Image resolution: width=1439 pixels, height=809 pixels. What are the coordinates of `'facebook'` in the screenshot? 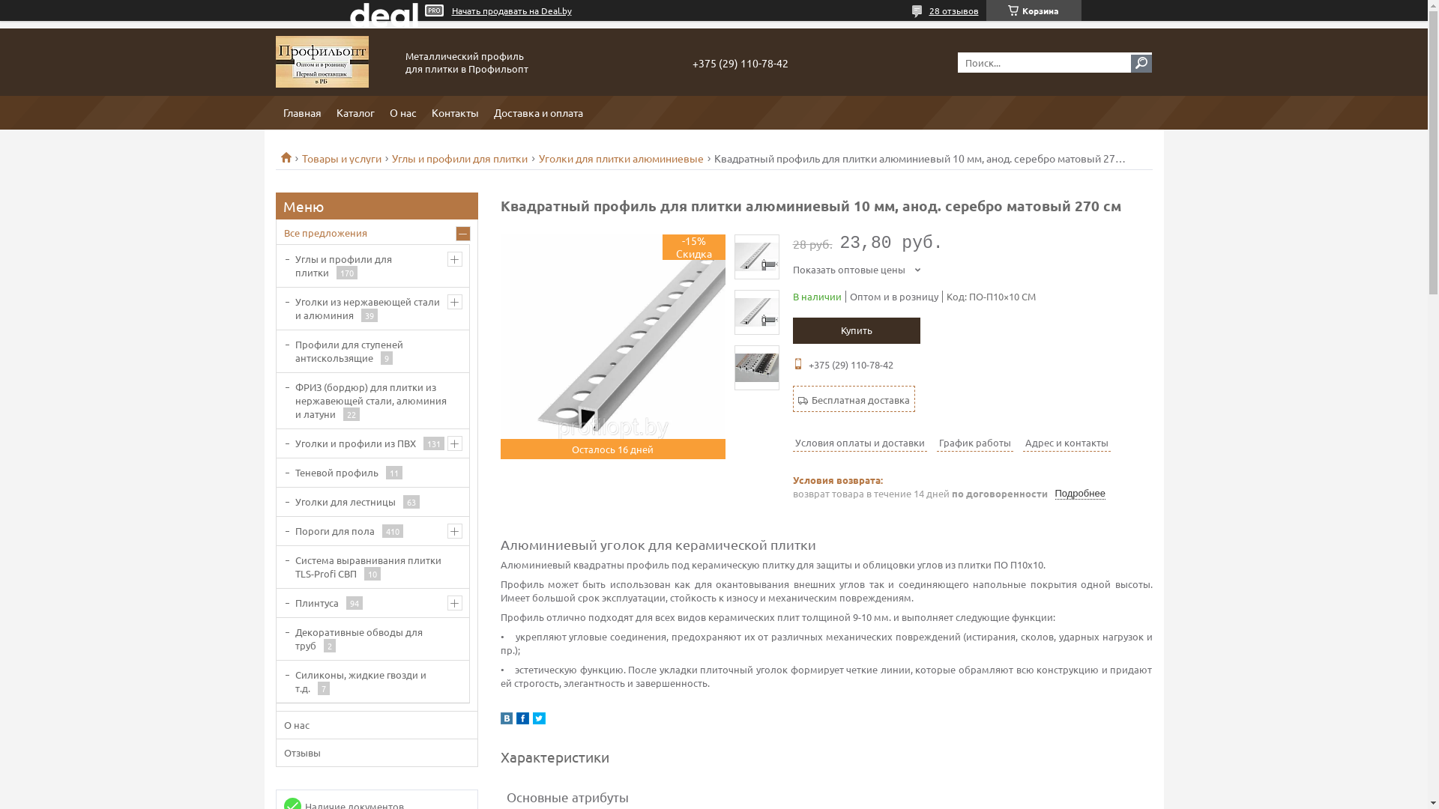 It's located at (522, 719).